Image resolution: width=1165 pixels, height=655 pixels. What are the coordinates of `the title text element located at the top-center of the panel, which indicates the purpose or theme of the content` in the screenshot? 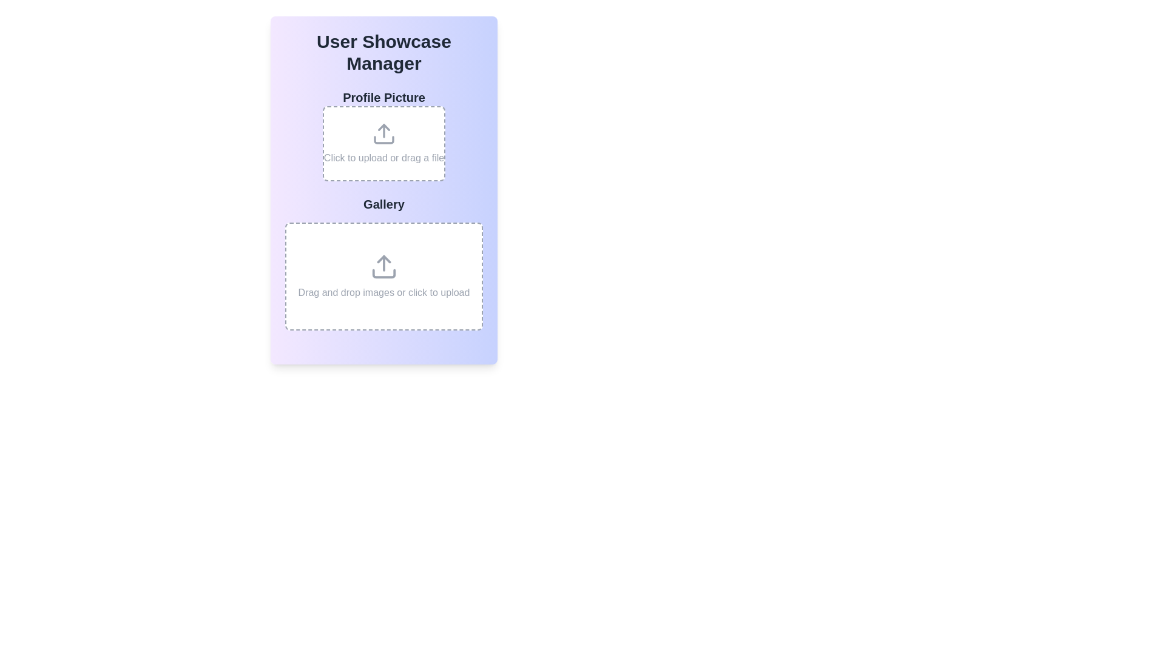 It's located at (383, 52).